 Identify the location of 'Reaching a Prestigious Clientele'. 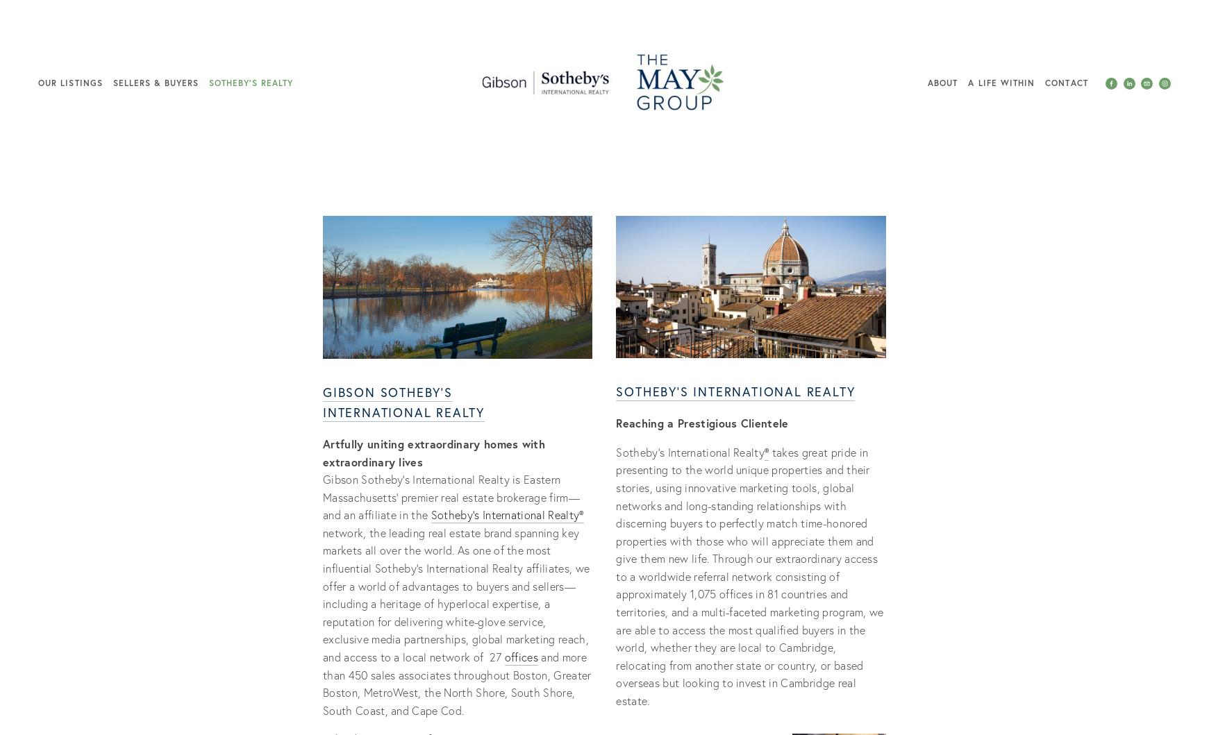
(703, 422).